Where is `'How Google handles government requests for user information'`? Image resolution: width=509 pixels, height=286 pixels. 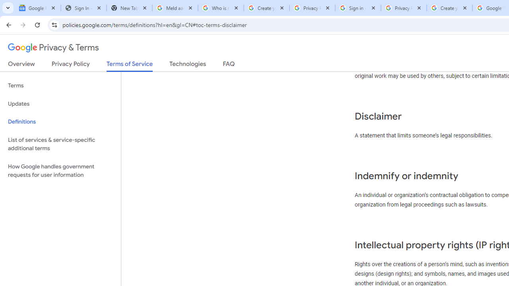
'How Google handles government requests for user information' is located at coordinates (60, 170).